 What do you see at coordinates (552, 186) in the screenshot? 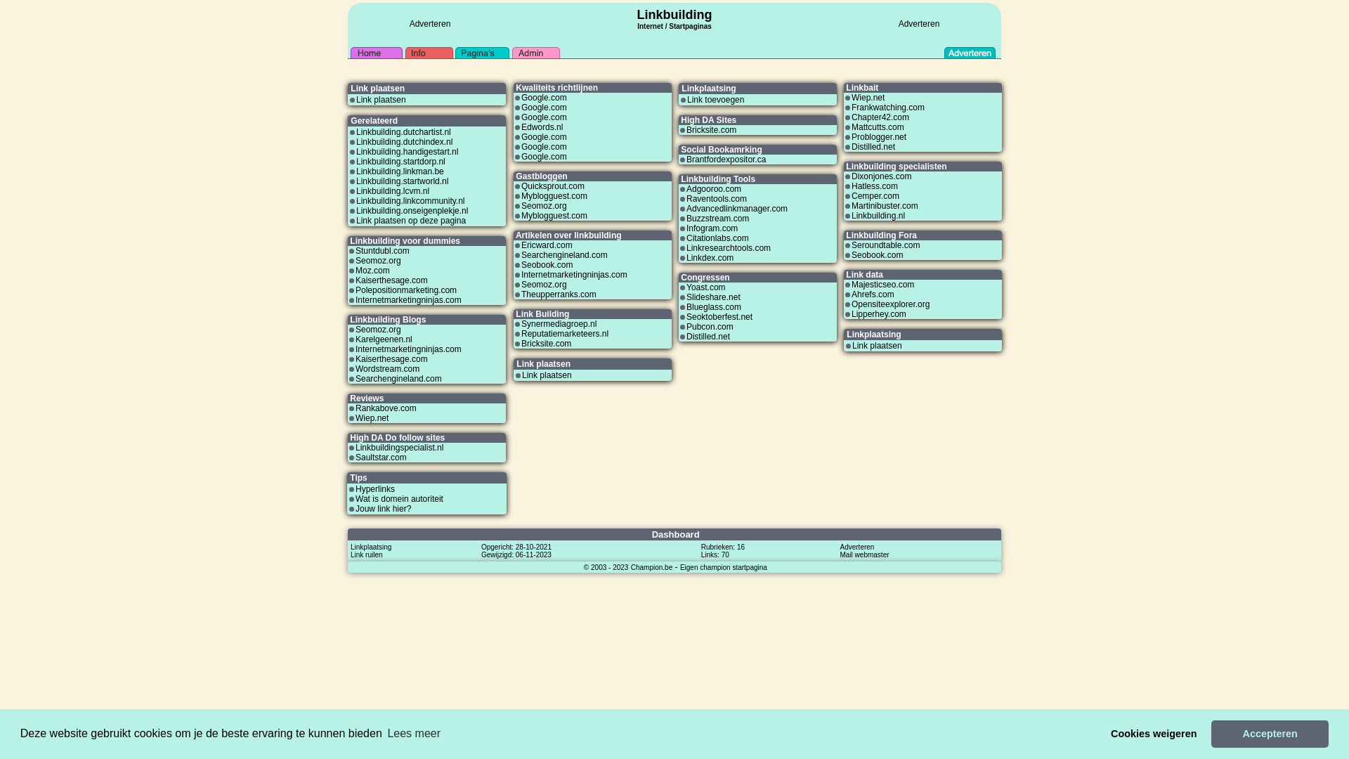
I see `'Quicksprout.com'` at bounding box center [552, 186].